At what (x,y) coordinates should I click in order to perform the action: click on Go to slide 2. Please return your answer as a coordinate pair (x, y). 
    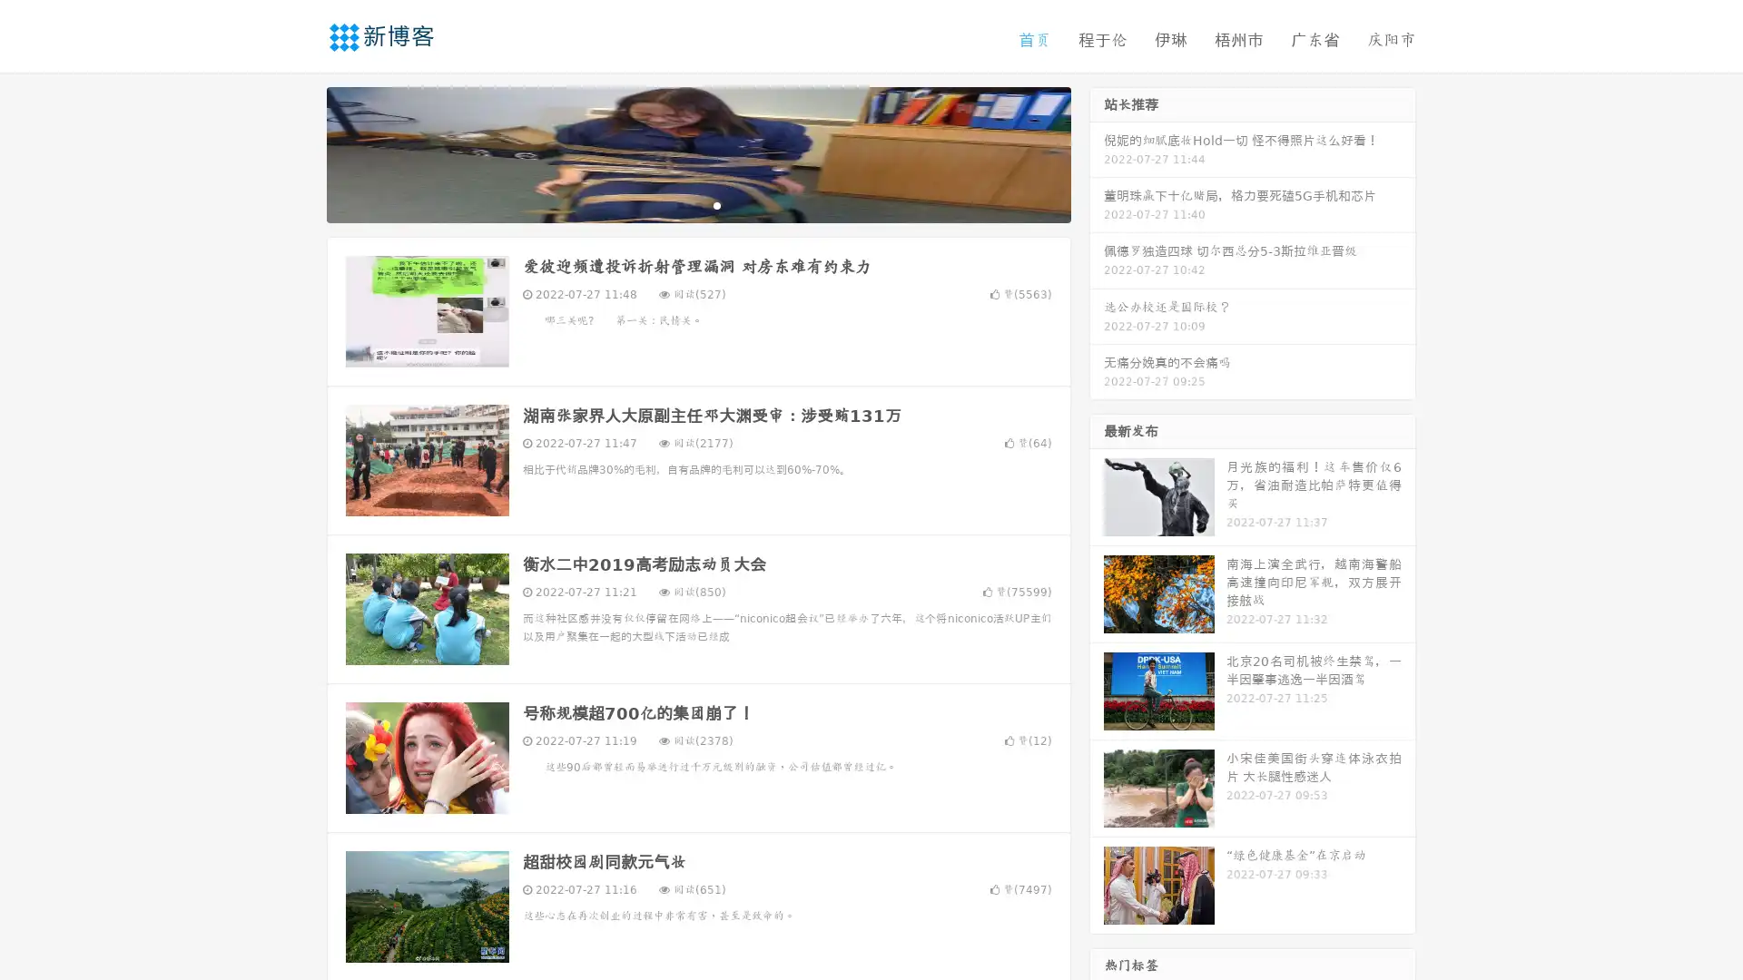
    Looking at the image, I should click on (697, 204).